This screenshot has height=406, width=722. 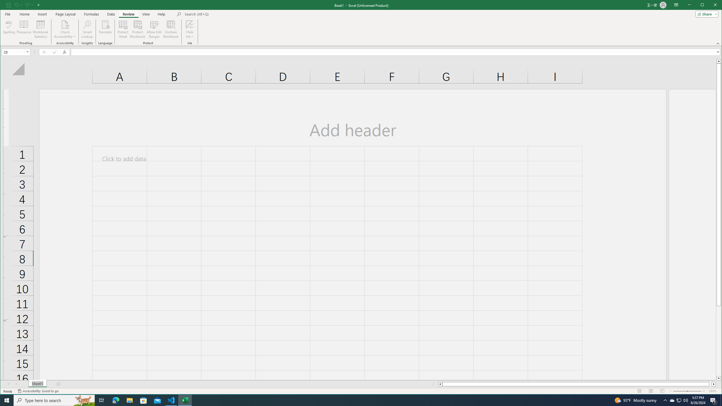 I want to click on 'Protect Sheet...', so click(x=123, y=29).